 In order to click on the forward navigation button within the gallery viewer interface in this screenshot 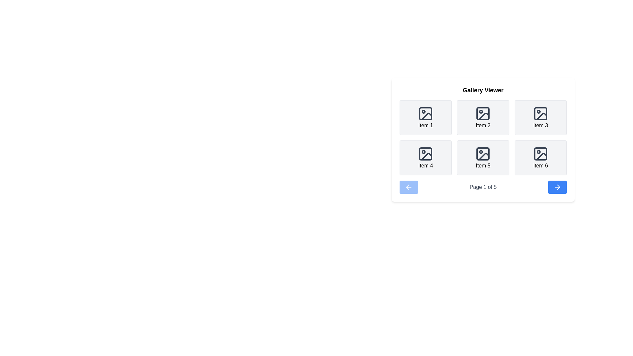, I will do `click(558, 187)`.